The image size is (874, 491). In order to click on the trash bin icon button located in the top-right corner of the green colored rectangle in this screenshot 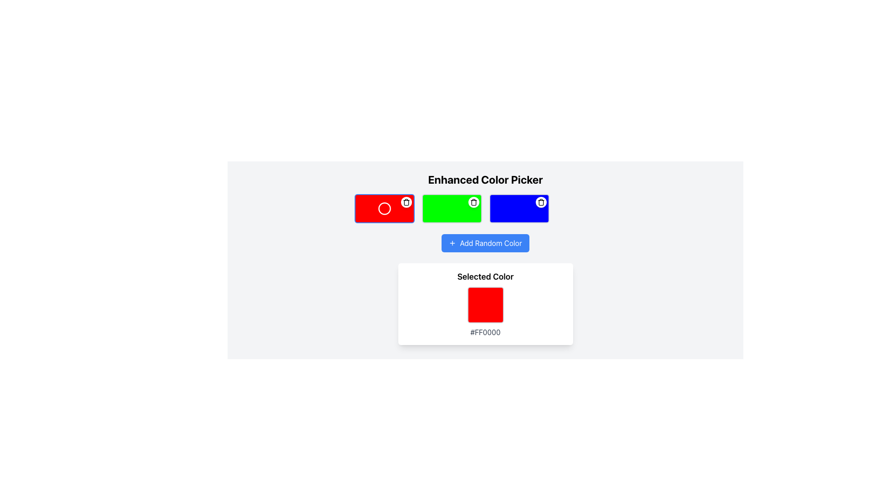, I will do `click(473, 201)`.